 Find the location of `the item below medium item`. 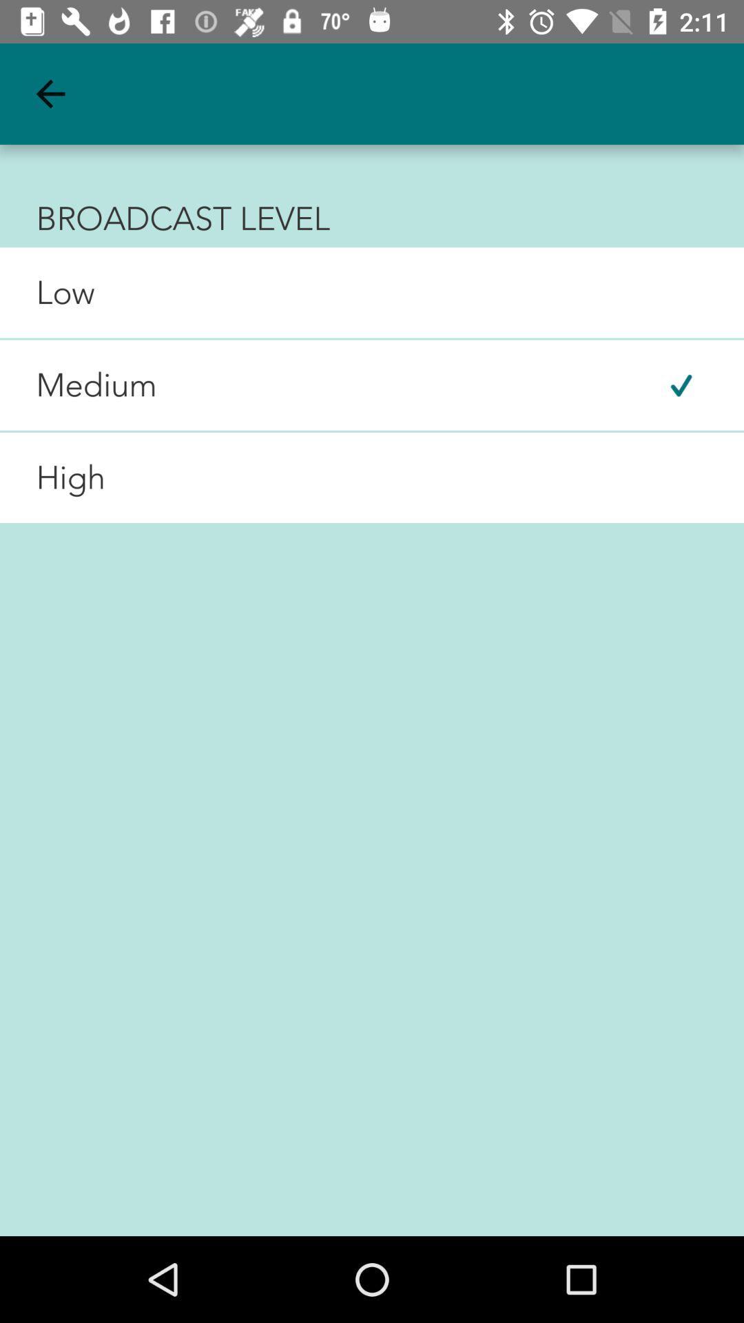

the item below medium item is located at coordinates (52, 478).